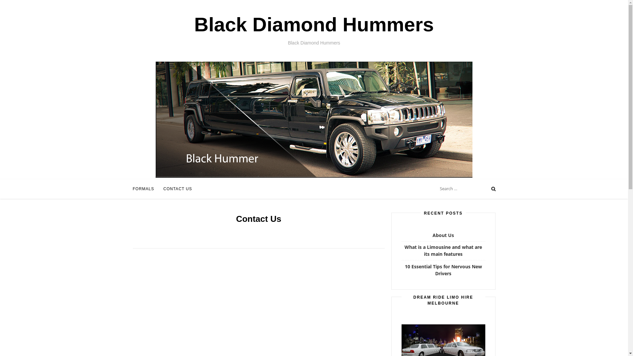 Image resolution: width=633 pixels, height=356 pixels. Describe the element at coordinates (405, 270) in the screenshot. I see `'10 Essential Tips for Nervous New Drivers'` at that location.